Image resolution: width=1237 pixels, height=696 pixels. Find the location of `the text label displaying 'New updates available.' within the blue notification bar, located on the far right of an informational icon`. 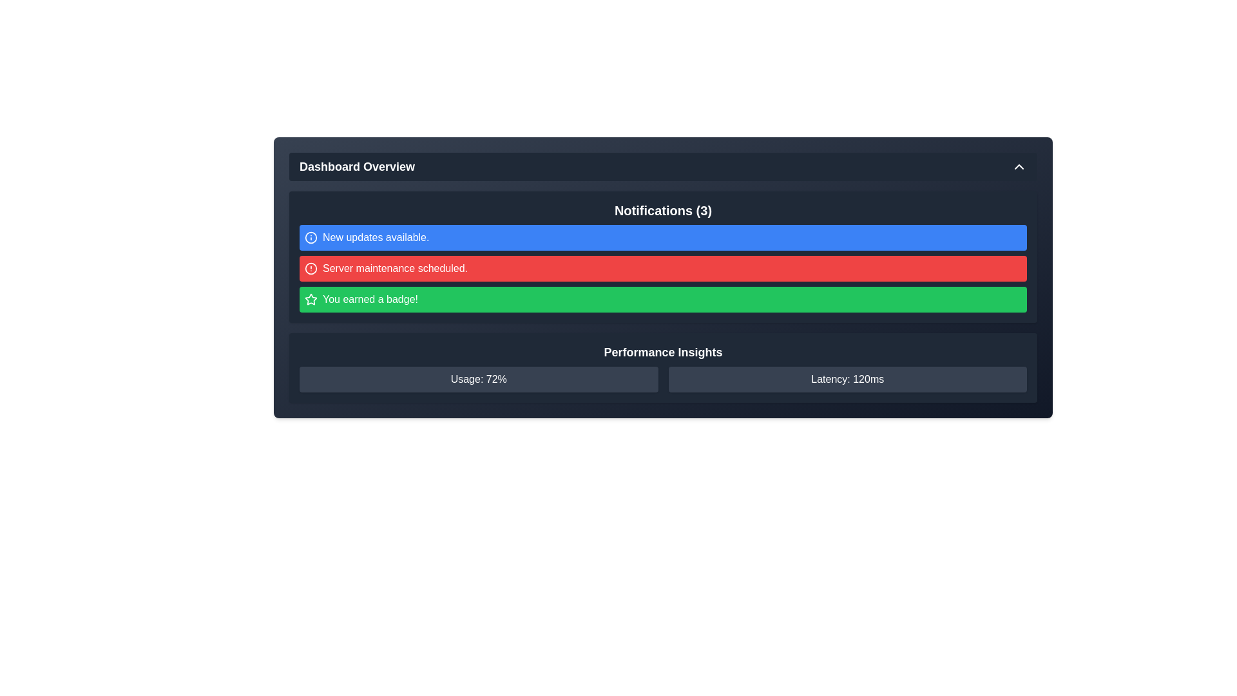

the text label displaying 'New updates available.' within the blue notification bar, located on the far right of an informational icon is located at coordinates (375, 238).